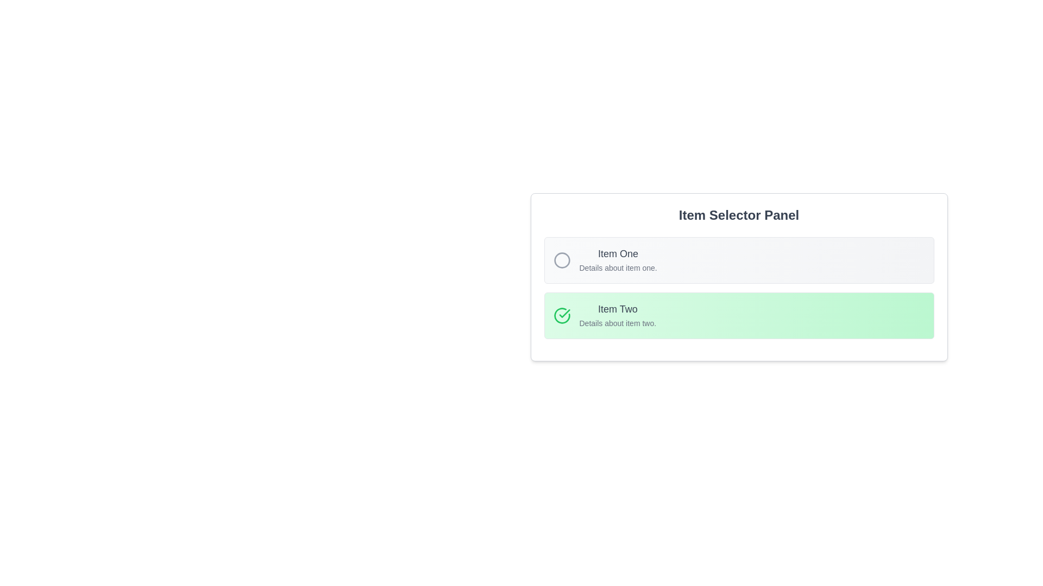 The image size is (1043, 586). I want to click on the first Item Card, so click(739, 260).